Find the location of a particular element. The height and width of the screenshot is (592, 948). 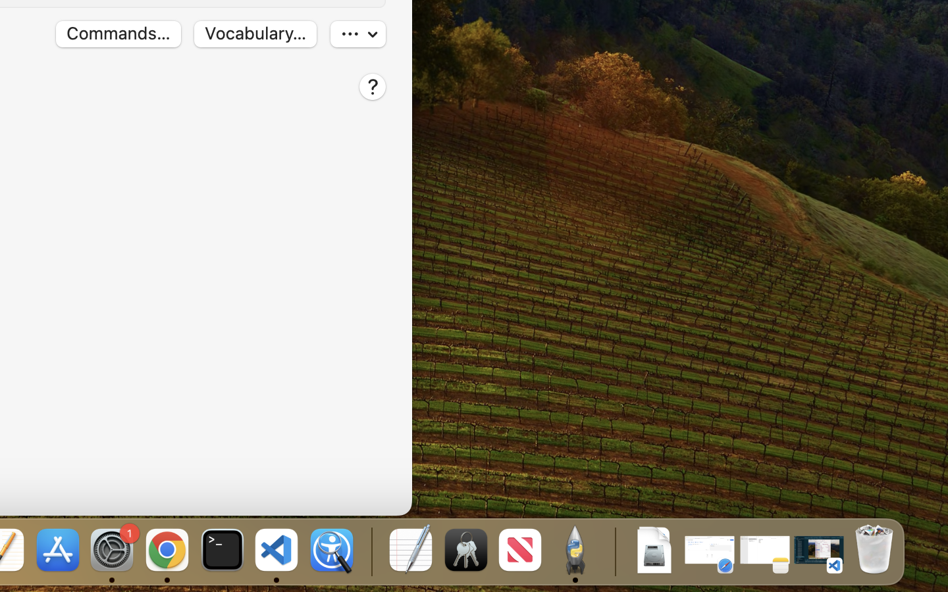

'0.4285714328289032' is located at coordinates (370, 551).